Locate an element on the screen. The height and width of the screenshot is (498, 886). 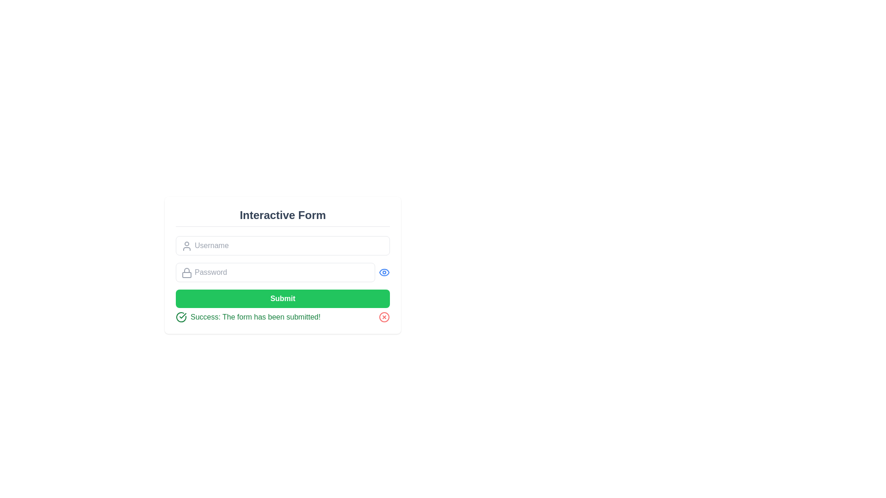
green checkmark icon indicating success, located to the left of the success message 'Success: The form has been submitted!' is located at coordinates (183, 315).